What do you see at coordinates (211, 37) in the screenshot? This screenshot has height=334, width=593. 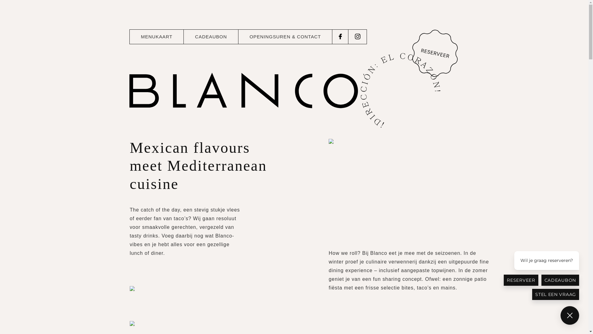 I see `'CADEAUBON'` at bounding box center [211, 37].